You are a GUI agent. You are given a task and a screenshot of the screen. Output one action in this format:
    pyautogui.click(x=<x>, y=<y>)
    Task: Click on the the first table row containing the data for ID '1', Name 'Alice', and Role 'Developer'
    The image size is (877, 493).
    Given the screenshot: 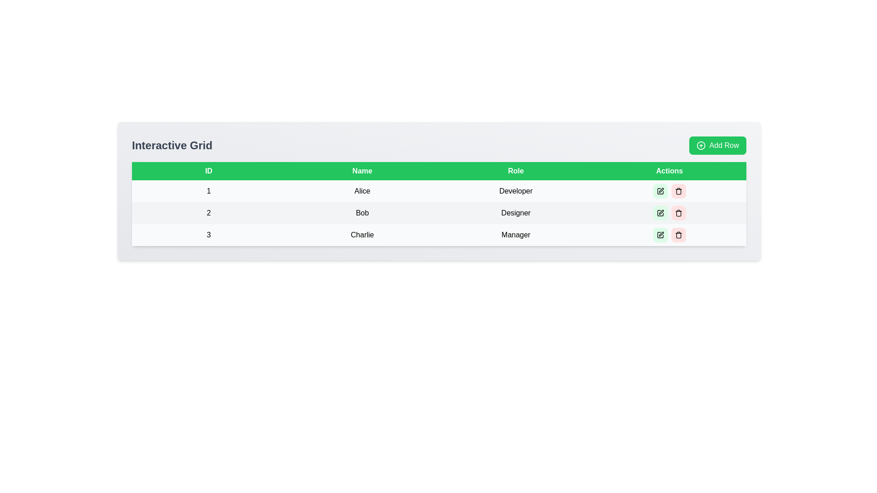 What is the action you would take?
    pyautogui.click(x=439, y=191)
    